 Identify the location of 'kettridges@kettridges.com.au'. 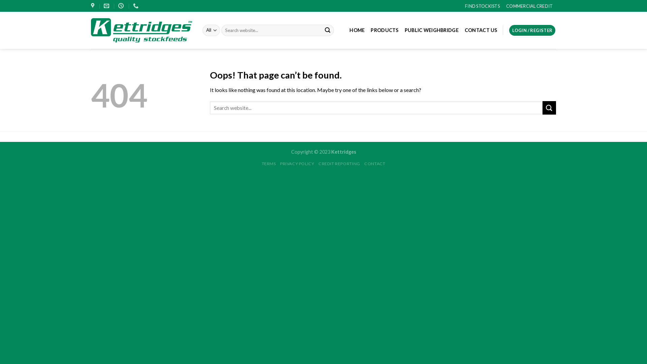
(107, 6).